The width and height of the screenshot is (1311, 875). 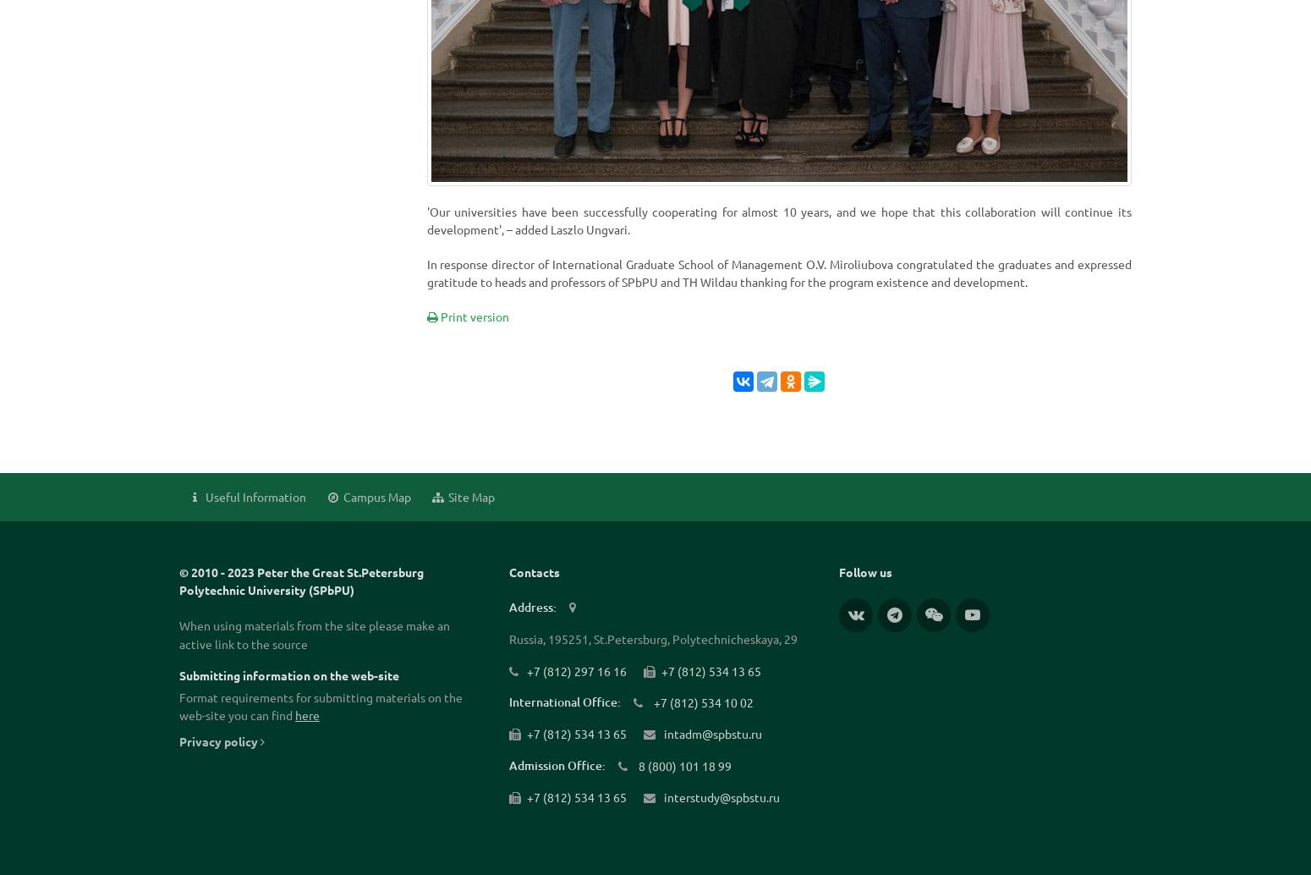 I want to click on 'interstudy@spbstu.ru', so click(x=720, y=797).